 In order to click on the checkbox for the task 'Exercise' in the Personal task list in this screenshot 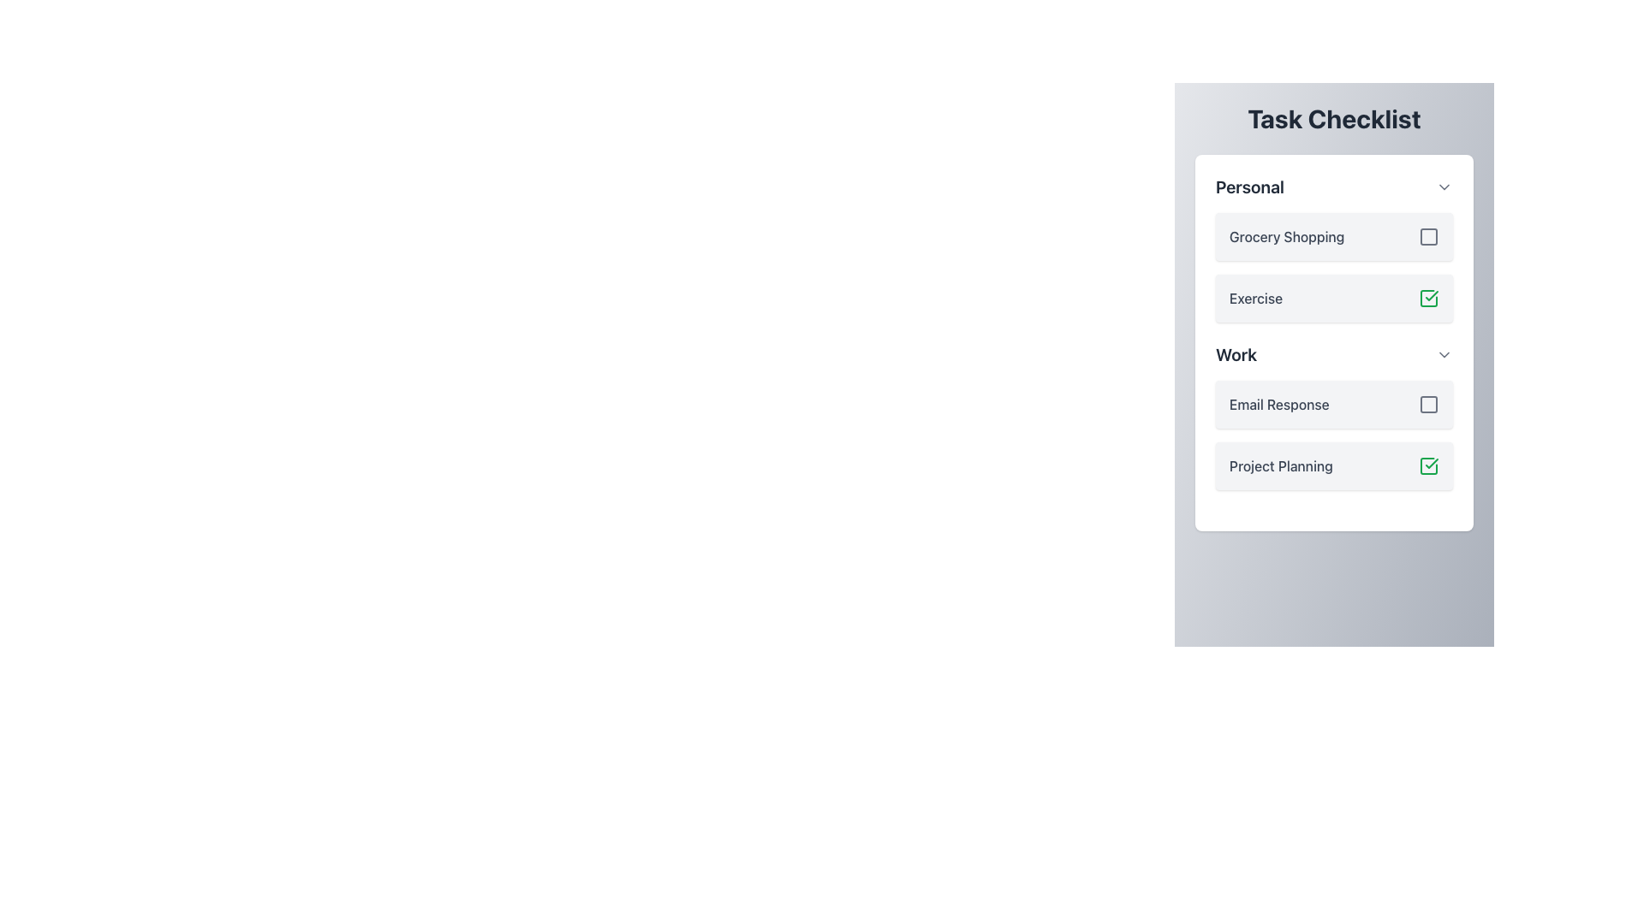, I will do `click(1333, 267)`.